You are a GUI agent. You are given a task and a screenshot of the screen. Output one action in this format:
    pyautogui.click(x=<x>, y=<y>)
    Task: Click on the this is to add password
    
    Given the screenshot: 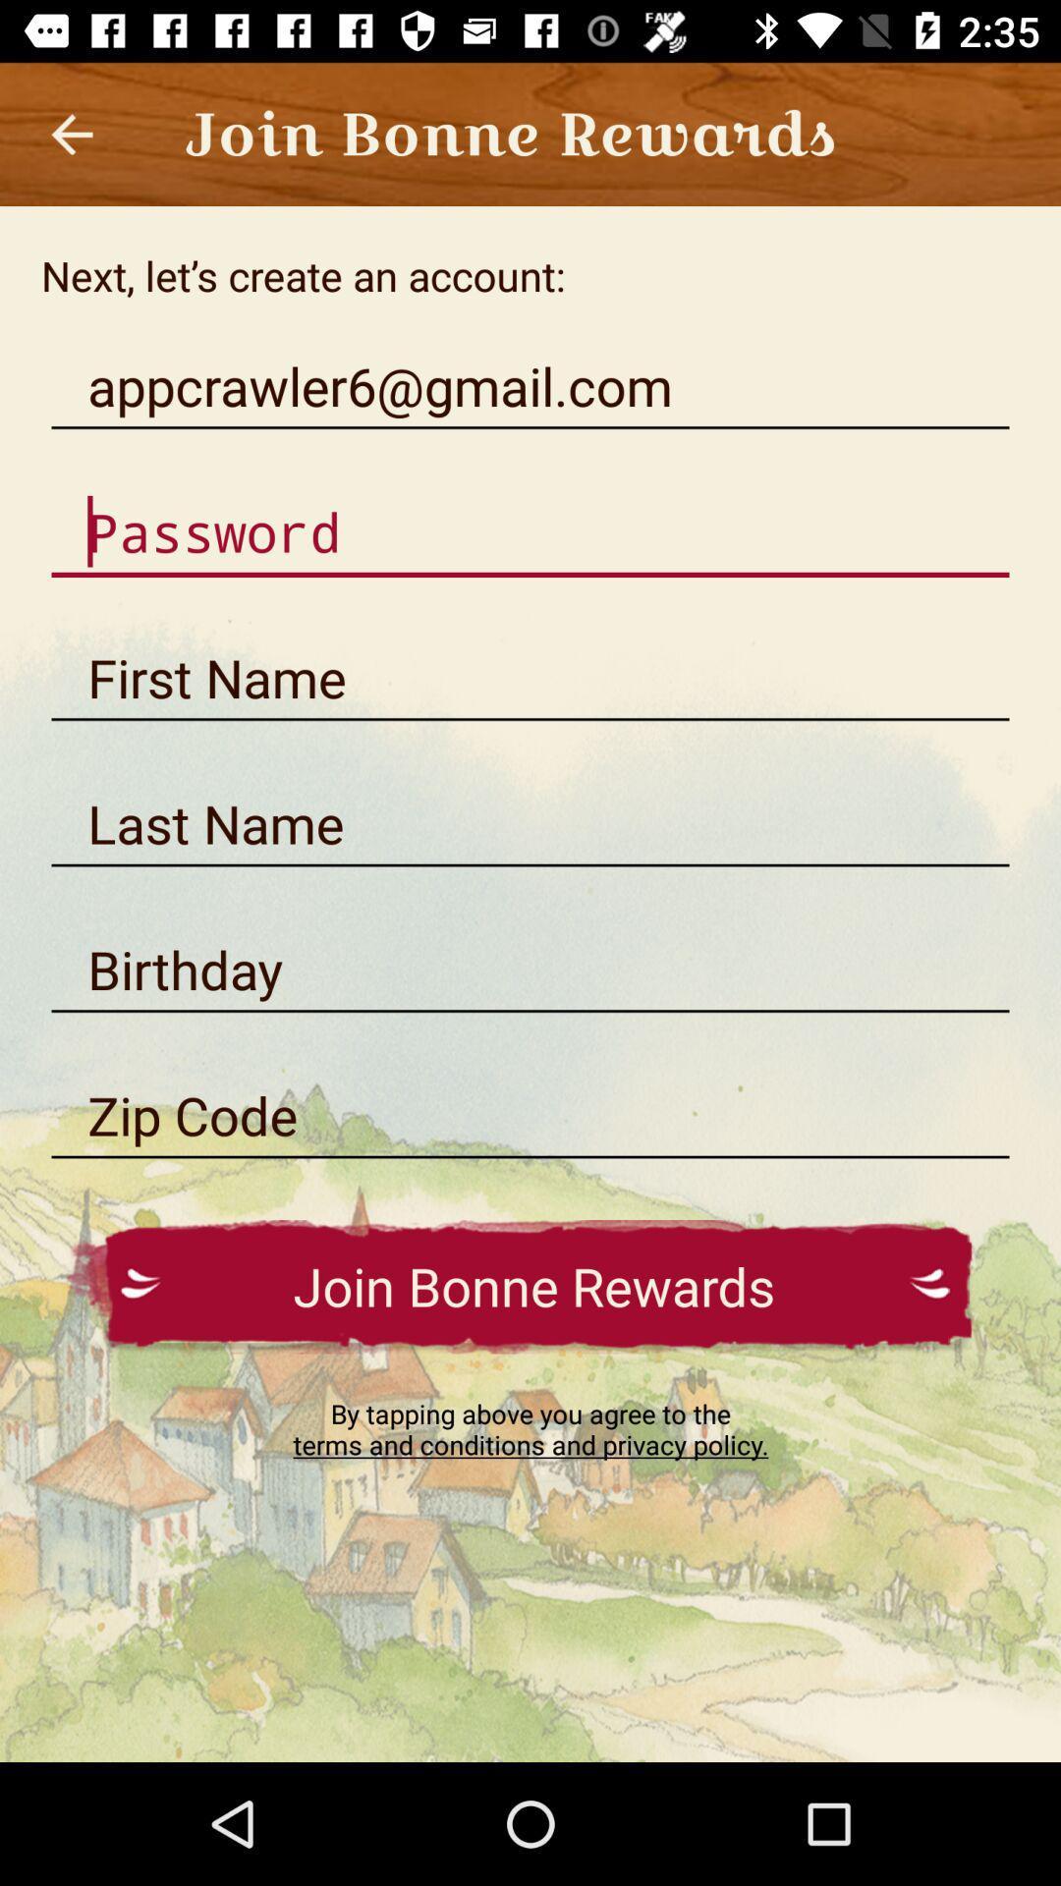 What is the action you would take?
    pyautogui.click(x=530, y=532)
    